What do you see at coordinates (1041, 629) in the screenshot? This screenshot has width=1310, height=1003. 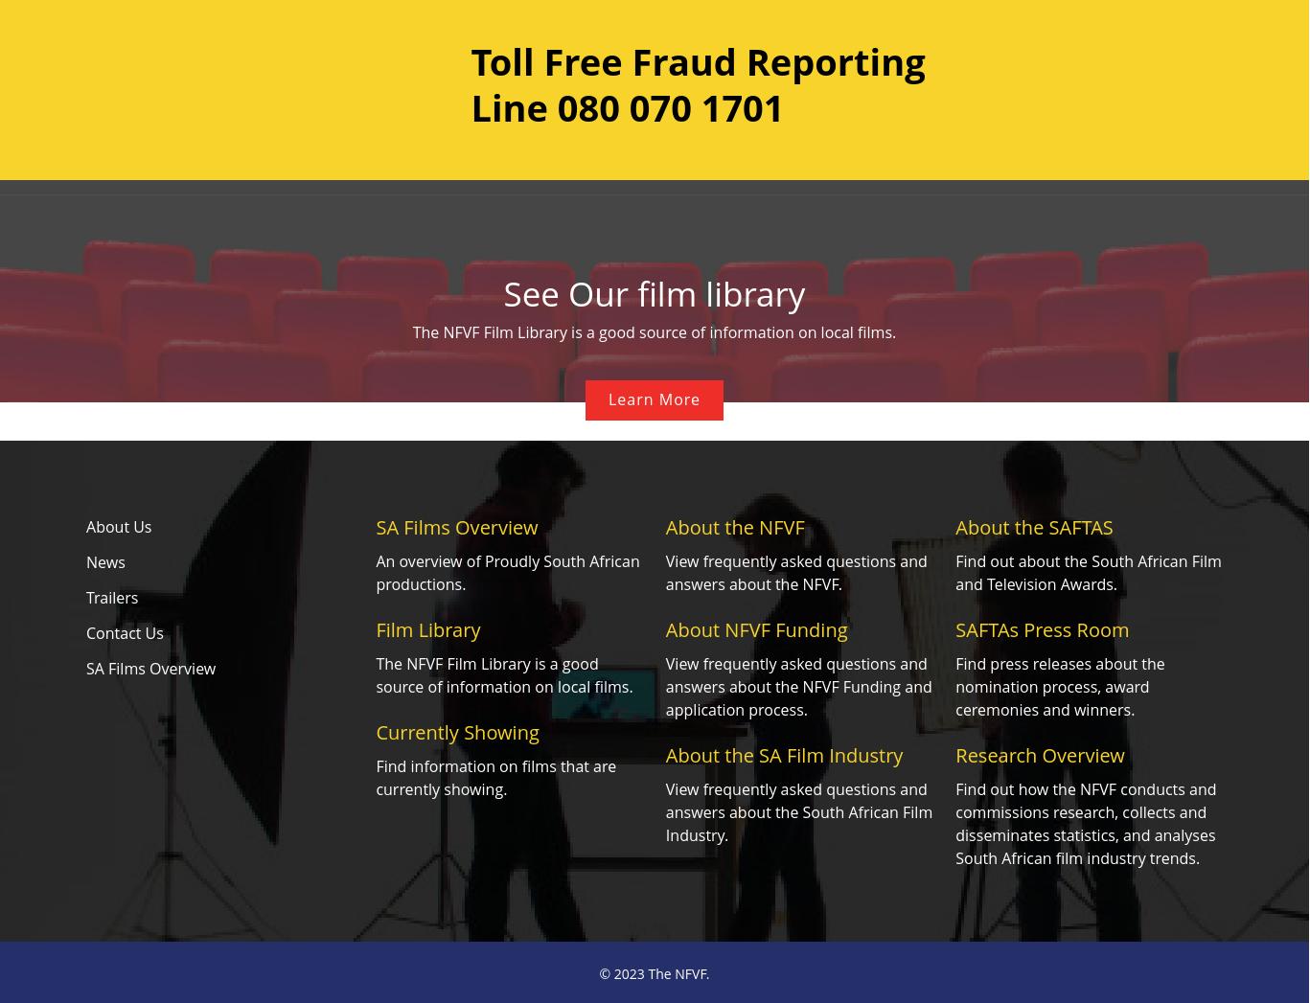 I see `'SAFTAs Press Room'` at bounding box center [1041, 629].